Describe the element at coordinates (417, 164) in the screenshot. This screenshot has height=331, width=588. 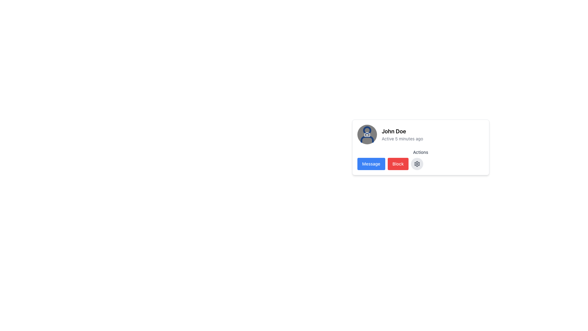
I see `the circular settings button with a light-gray background located in the 'Actions' row, which is the third button to the right of the 'Block' button` at that location.